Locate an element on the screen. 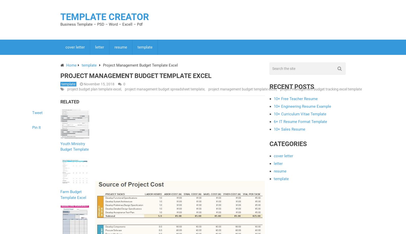 The width and height of the screenshot is (406, 234). 'project management budget tracking excel template' is located at coordinates (320, 89).